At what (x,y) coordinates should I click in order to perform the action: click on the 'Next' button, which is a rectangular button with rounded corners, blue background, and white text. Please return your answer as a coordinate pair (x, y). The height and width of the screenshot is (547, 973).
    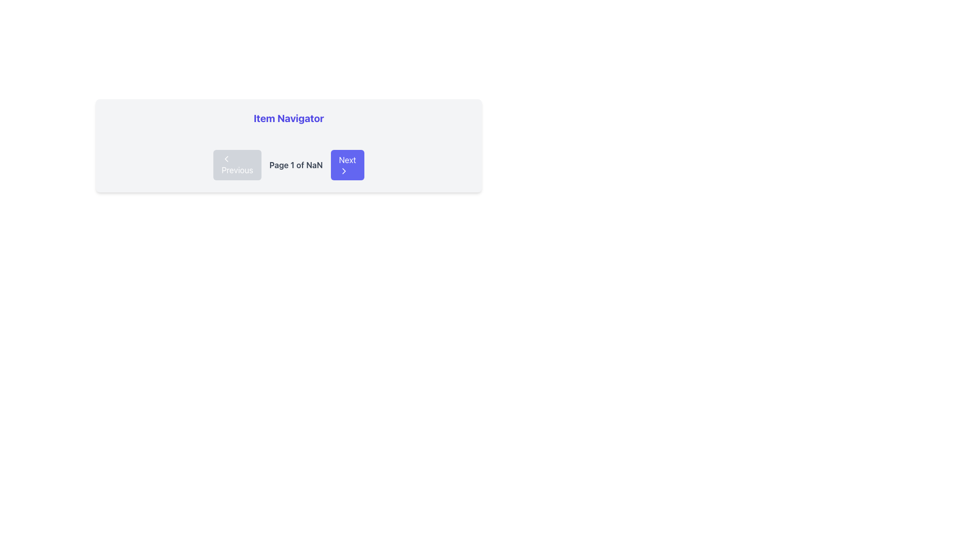
    Looking at the image, I should click on (347, 165).